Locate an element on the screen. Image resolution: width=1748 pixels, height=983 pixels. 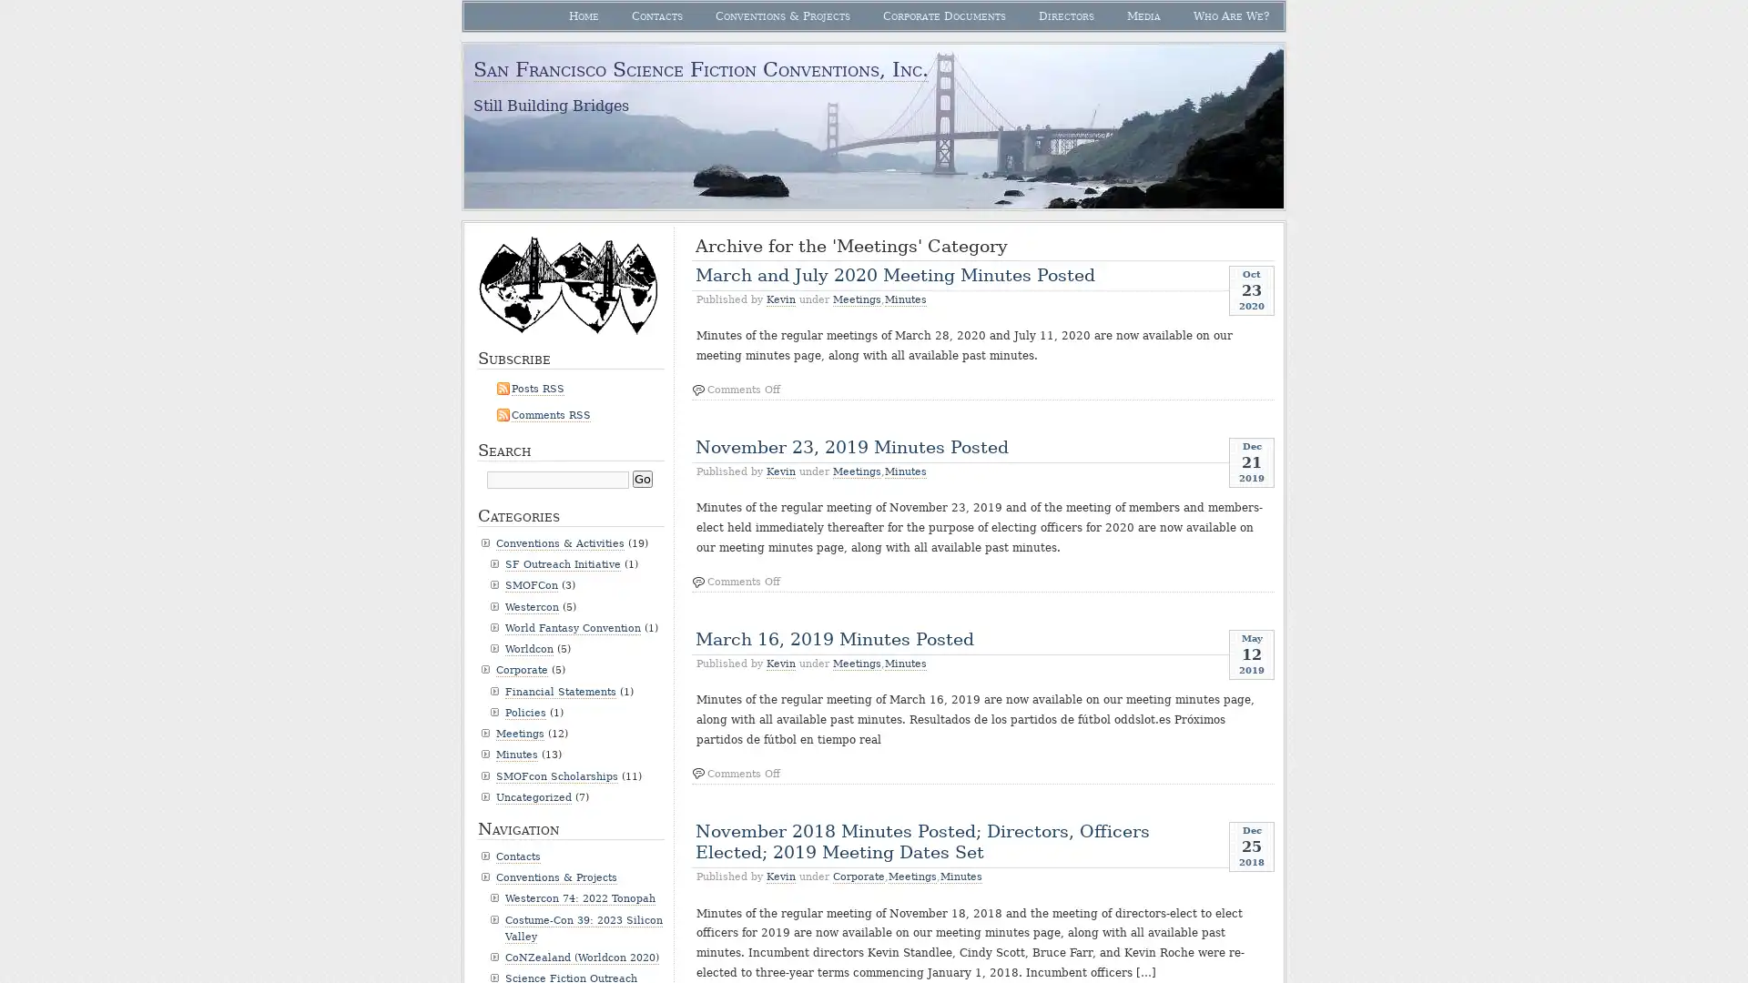
Go is located at coordinates (642, 477).